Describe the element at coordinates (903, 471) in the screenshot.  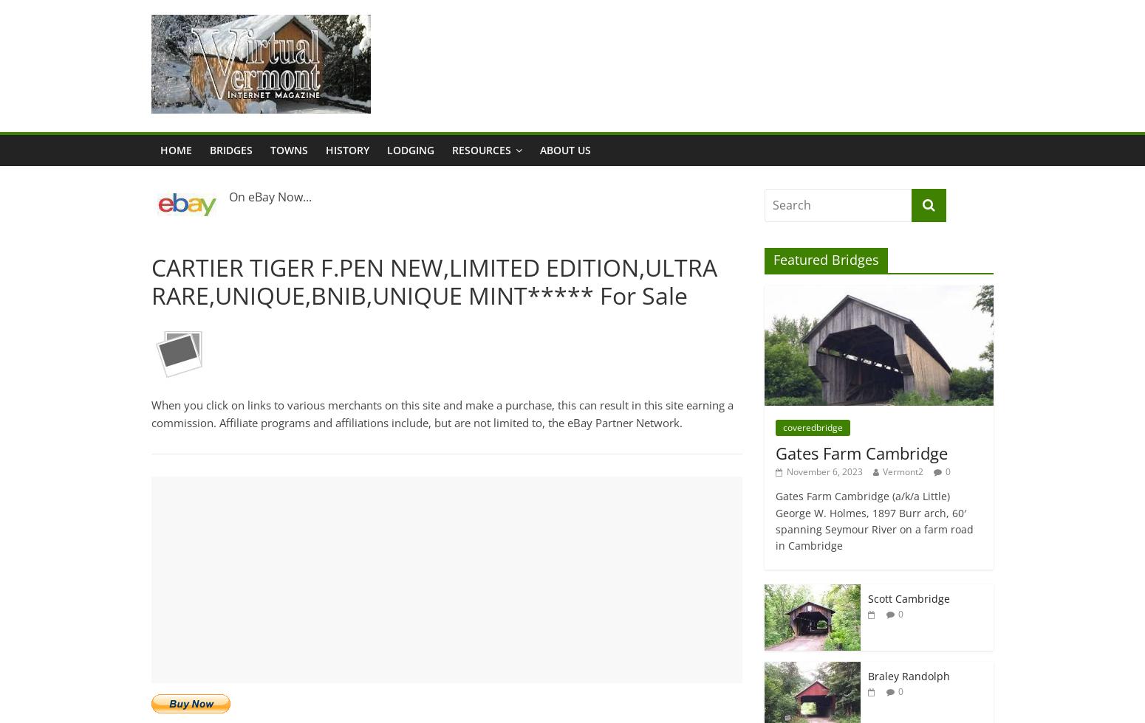
I see `'Vermont2'` at that location.